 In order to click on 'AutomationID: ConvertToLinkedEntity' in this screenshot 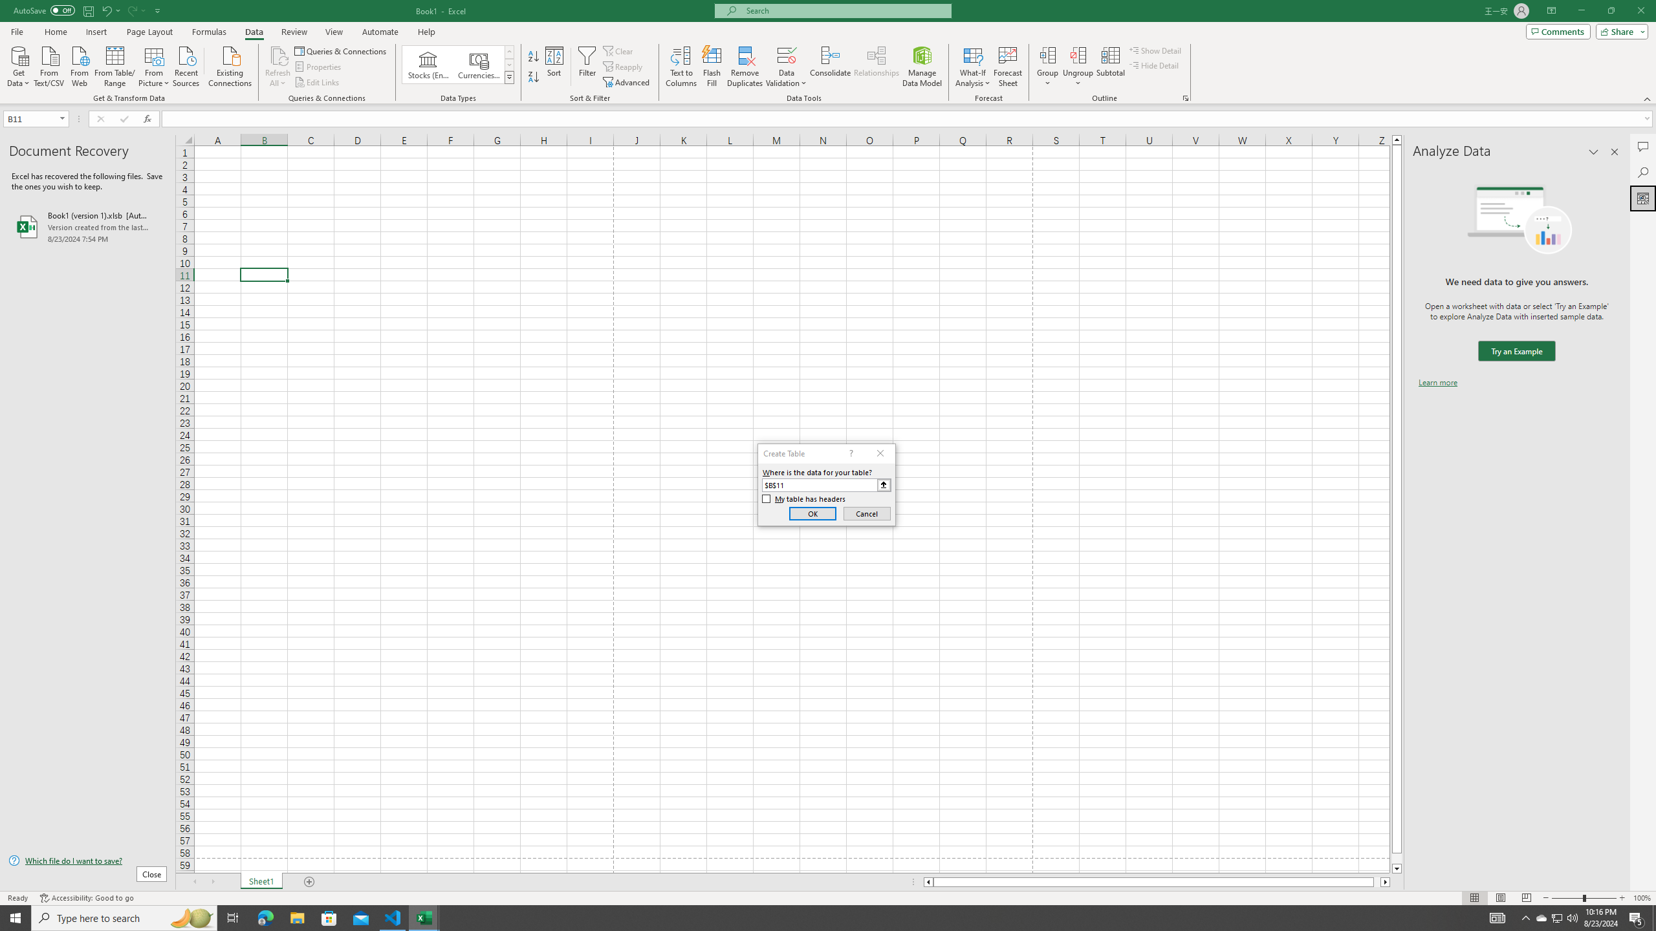, I will do `click(459, 64)`.